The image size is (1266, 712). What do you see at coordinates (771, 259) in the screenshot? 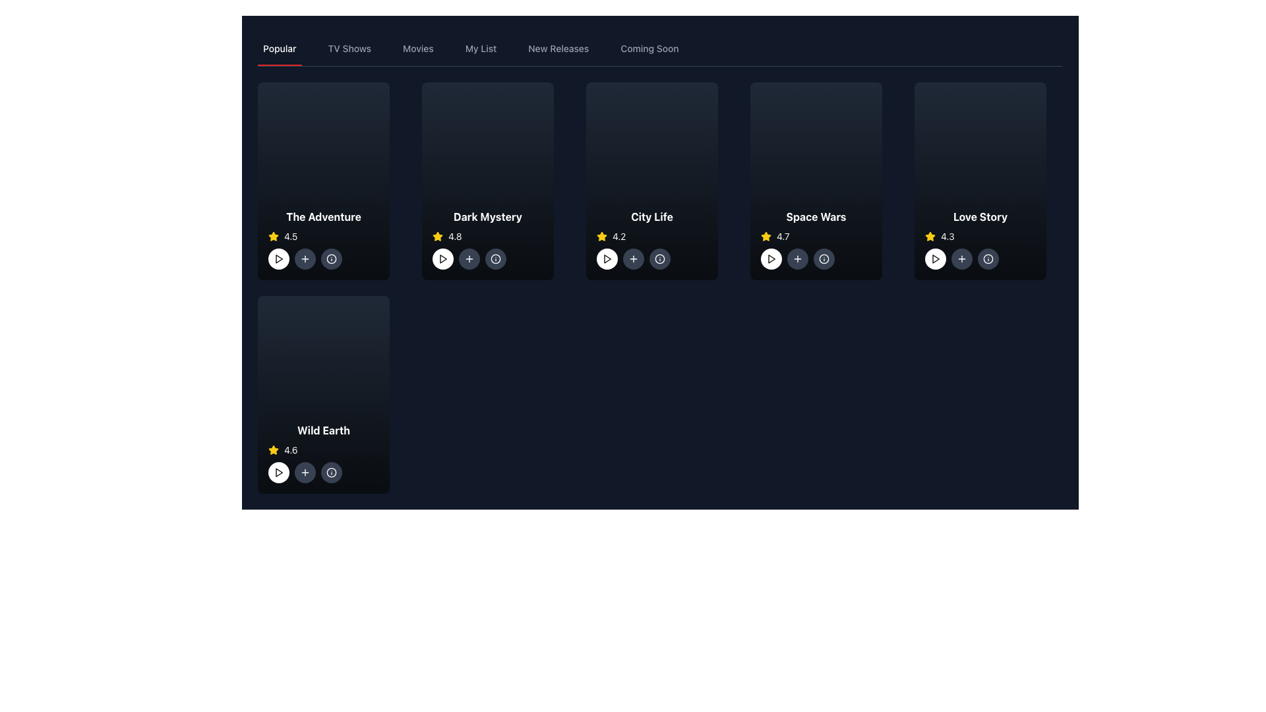
I see `the small triangular play icon located within the bottom-left circular button of the 'Space Wars' film card to play the video` at bounding box center [771, 259].